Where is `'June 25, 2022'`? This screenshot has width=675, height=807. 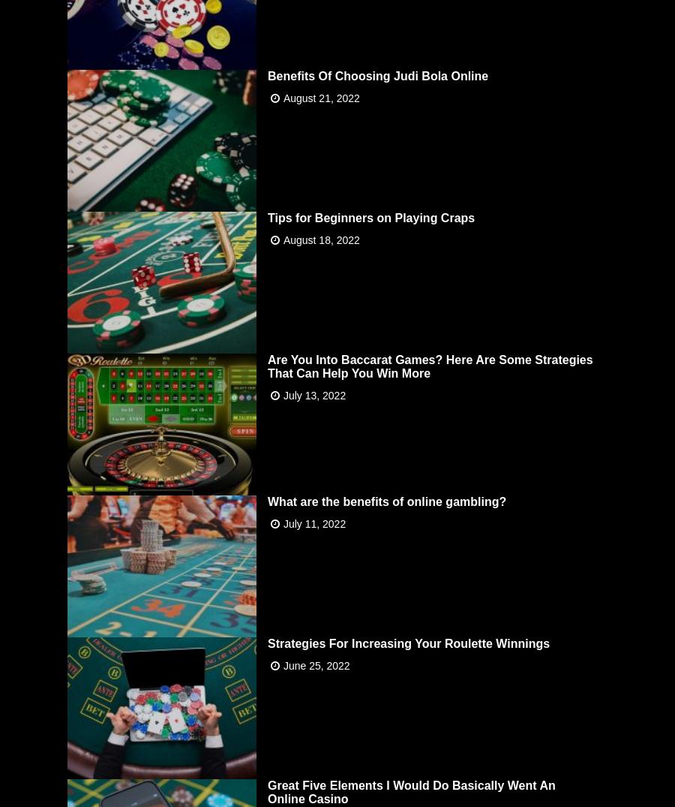 'June 25, 2022' is located at coordinates (316, 664).